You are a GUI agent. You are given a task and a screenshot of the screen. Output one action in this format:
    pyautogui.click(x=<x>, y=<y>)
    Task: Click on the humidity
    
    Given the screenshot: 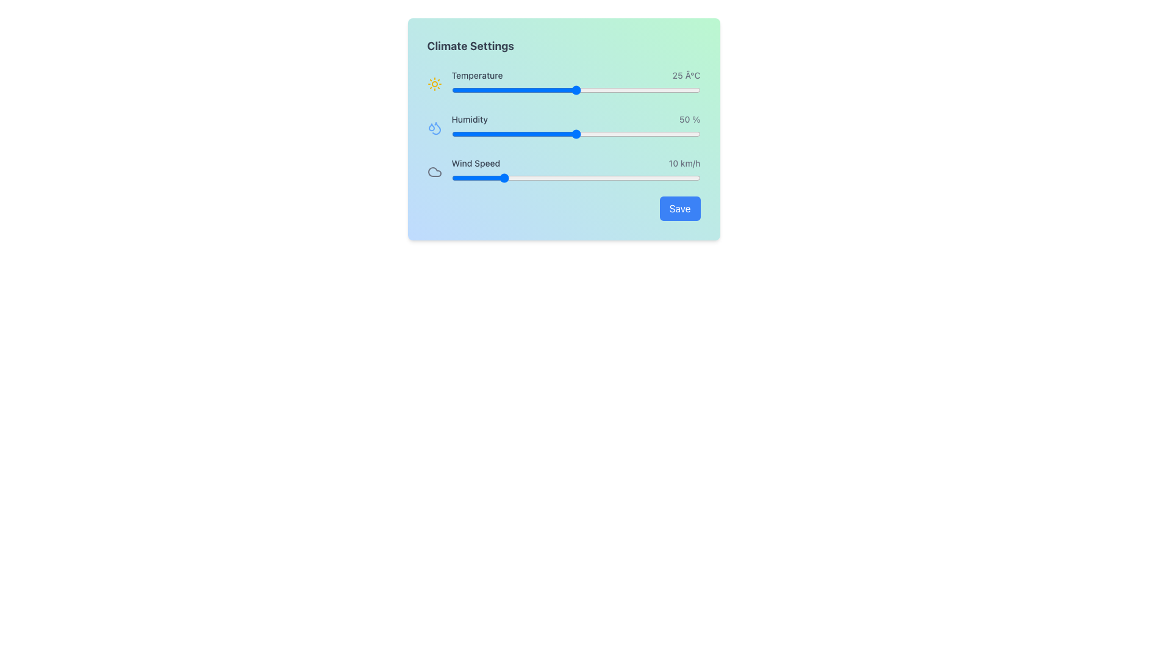 What is the action you would take?
    pyautogui.click(x=593, y=134)
    